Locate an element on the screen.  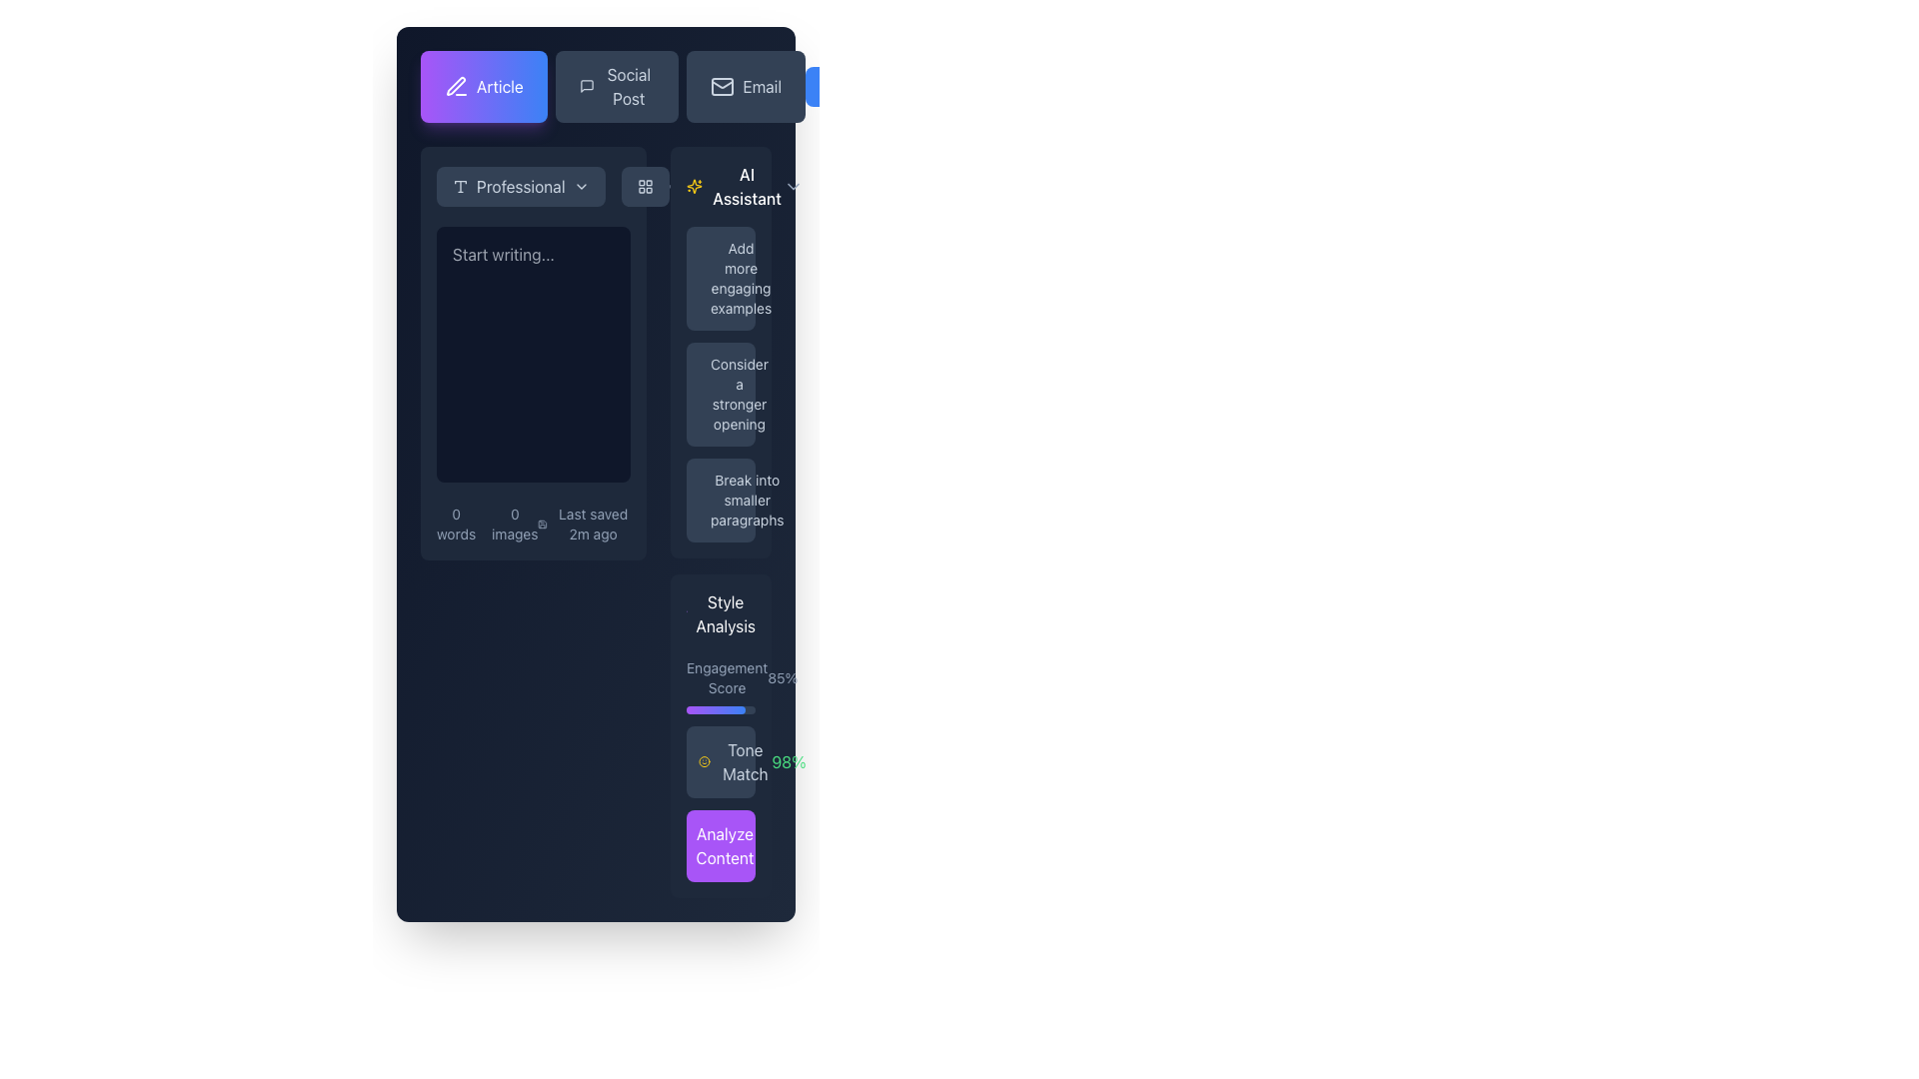
Decorative SVG circle that serves as an alert or information indicator, located in the middle-right portion of the UI adjacent to the 'Break into smaller paragraphs' action is located at coordinates (710, 485).